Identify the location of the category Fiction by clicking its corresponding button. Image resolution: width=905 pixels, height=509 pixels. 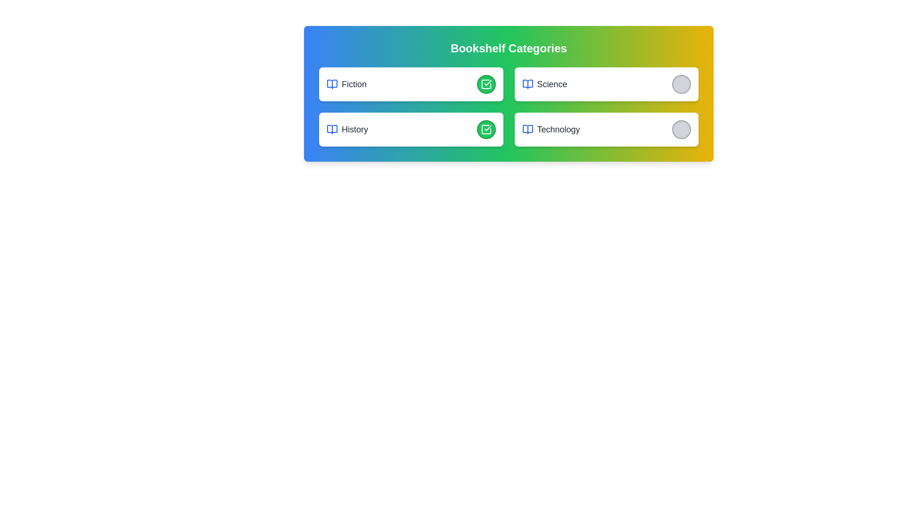
(486, 83).